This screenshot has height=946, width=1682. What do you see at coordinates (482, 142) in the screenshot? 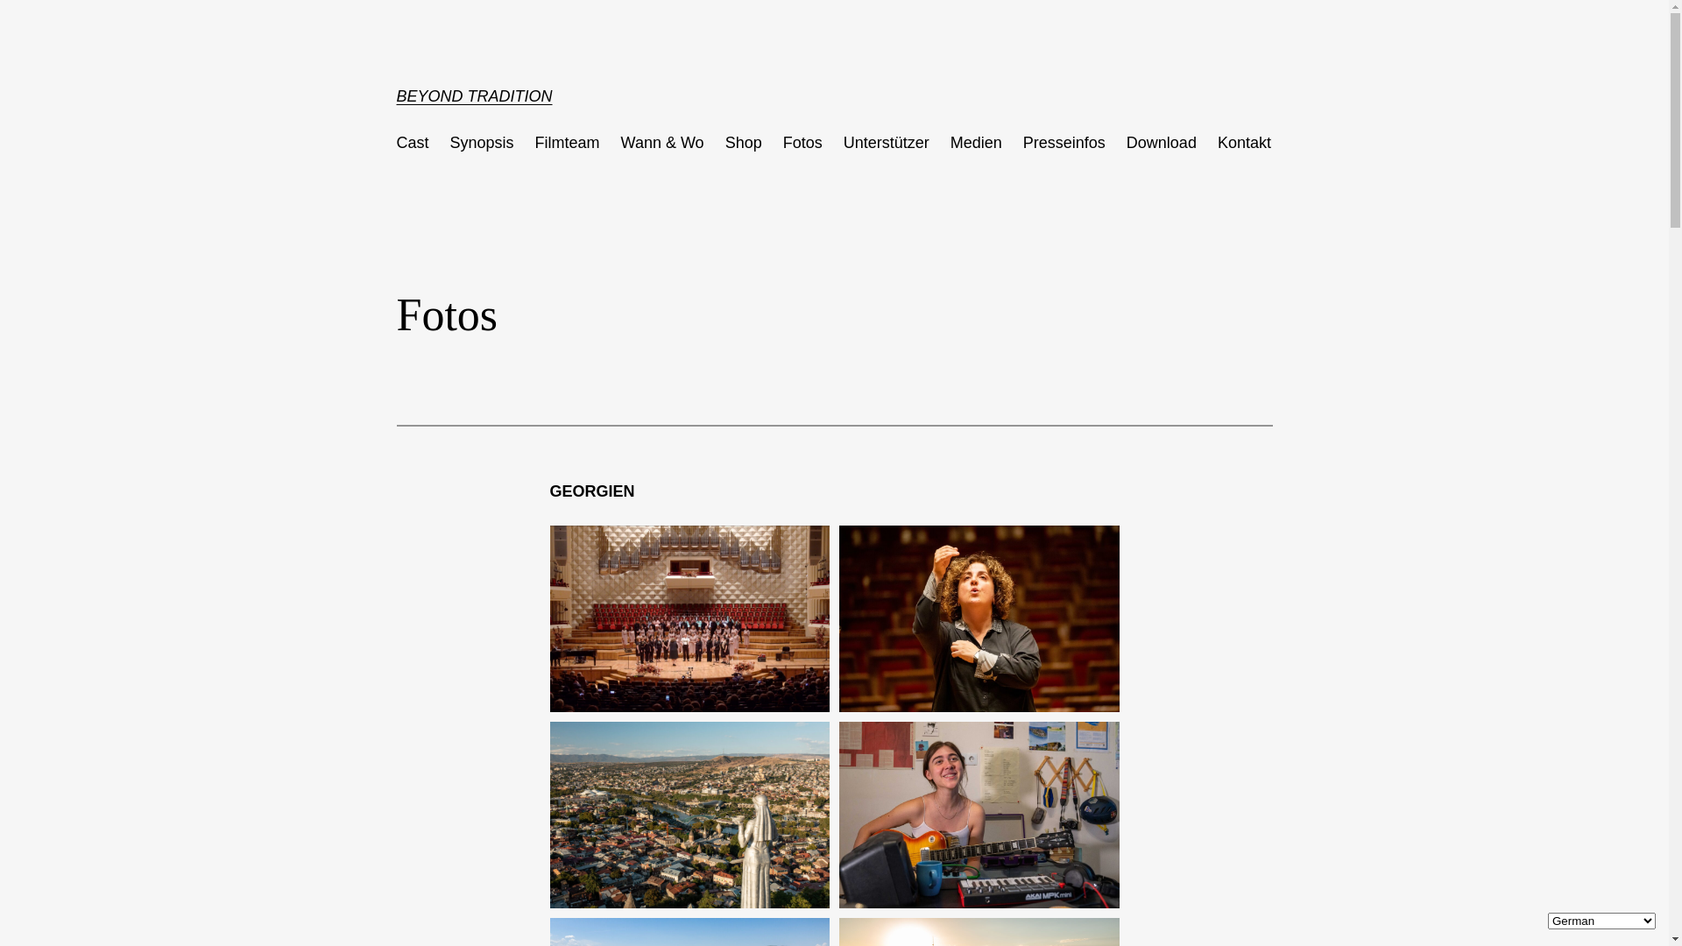
I see `'Synopsis'` at bounding box center [482, 142].